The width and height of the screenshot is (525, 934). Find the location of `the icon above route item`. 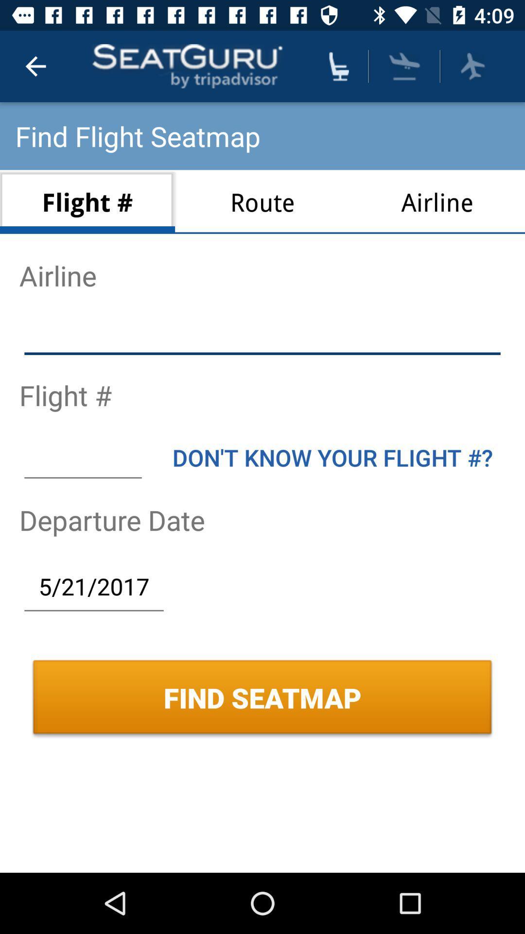

the icon above route item is located at coordinates (338, 66).